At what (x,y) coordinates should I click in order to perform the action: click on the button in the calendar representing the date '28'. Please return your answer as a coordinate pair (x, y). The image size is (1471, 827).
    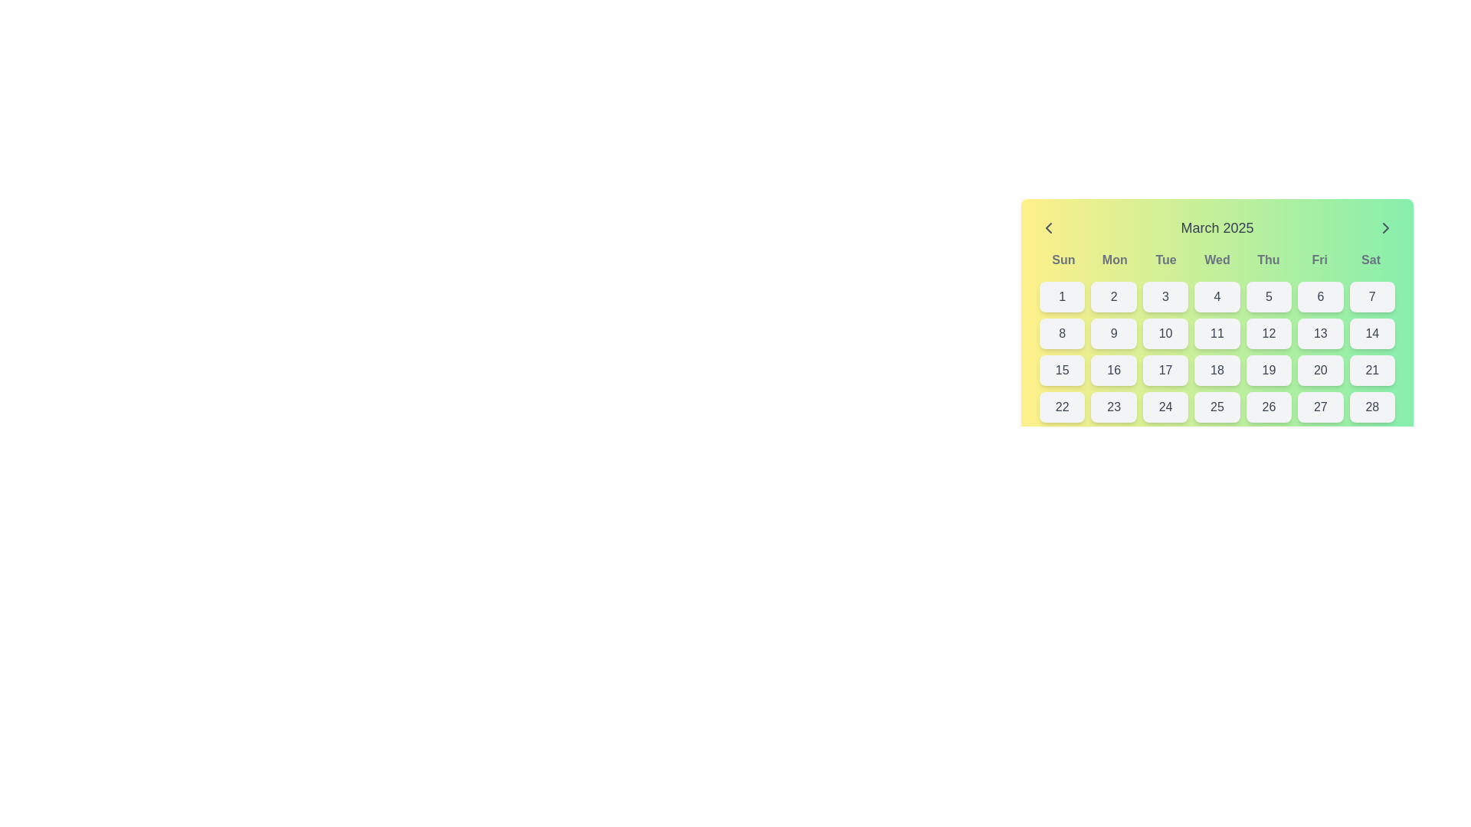
    Looking at the image, I should click on (1372, 407).